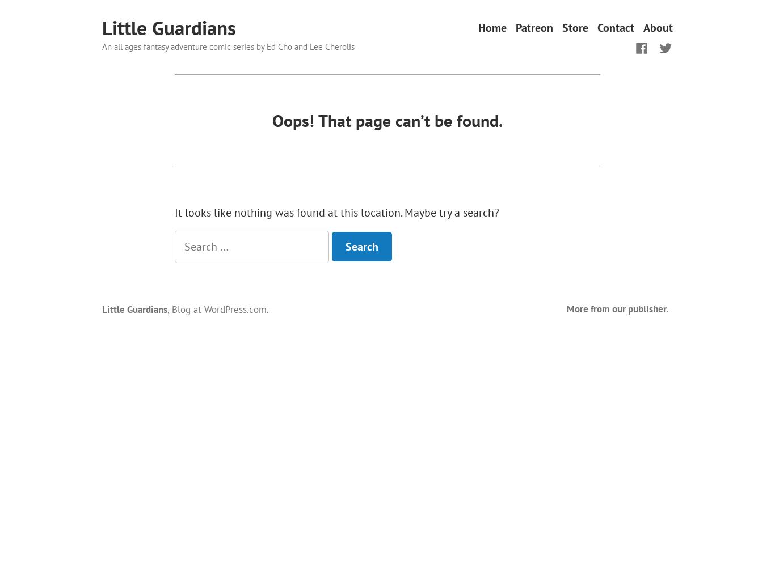  Describe the element at coordinates (336, 213) in the screenshot. I see `'It looks like nothing was found at this location. Maybe try a search?'` at that location.